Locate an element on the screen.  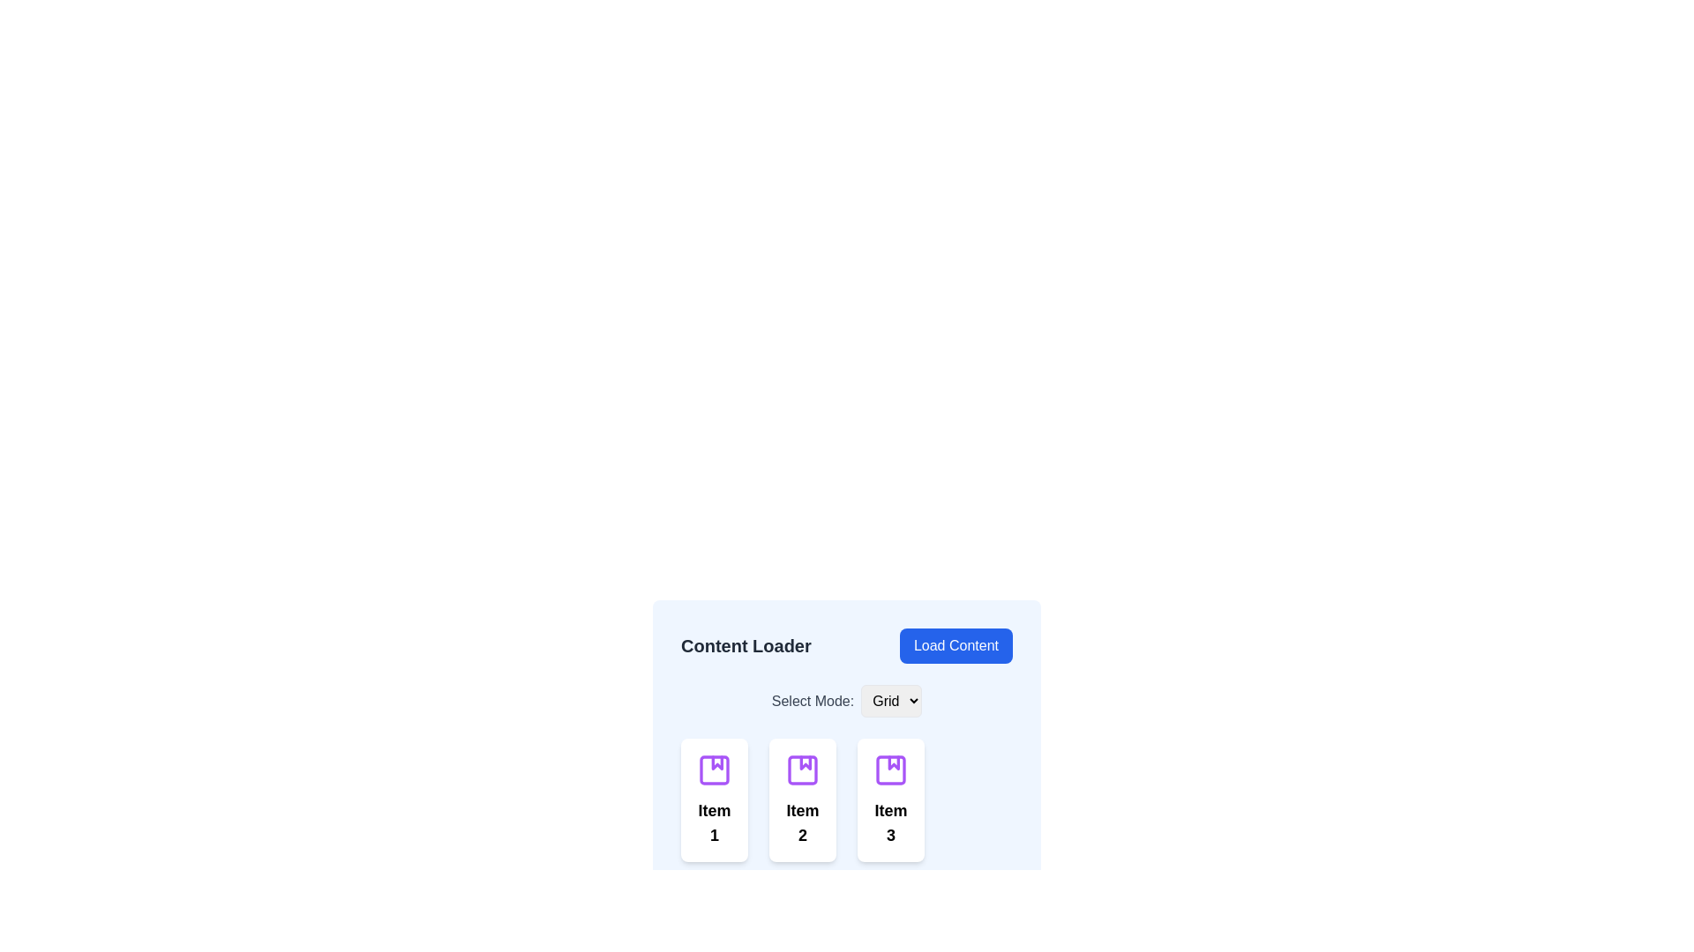
the triangular decorative icon representing 'Item 3' located in the third column under the 'Content Loader' section is located at coordinates (894, 762).